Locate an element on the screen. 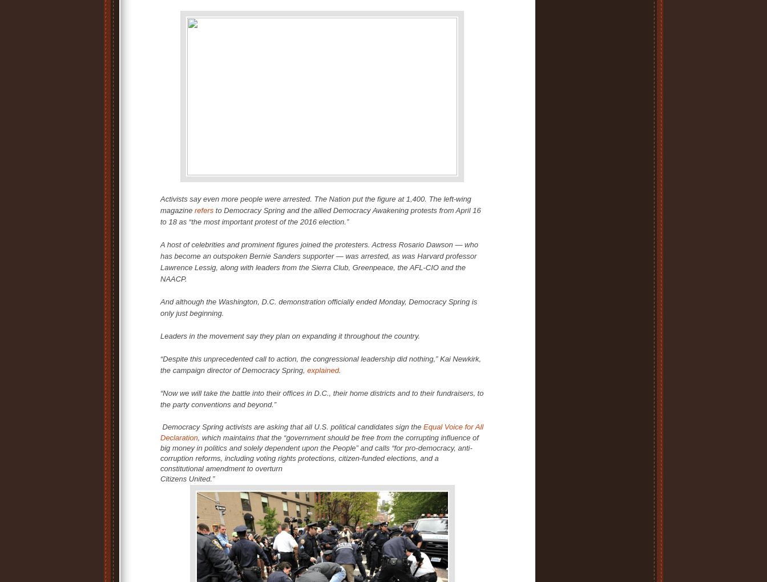  'Citizens United.”' is located at coordinates (187, 478).